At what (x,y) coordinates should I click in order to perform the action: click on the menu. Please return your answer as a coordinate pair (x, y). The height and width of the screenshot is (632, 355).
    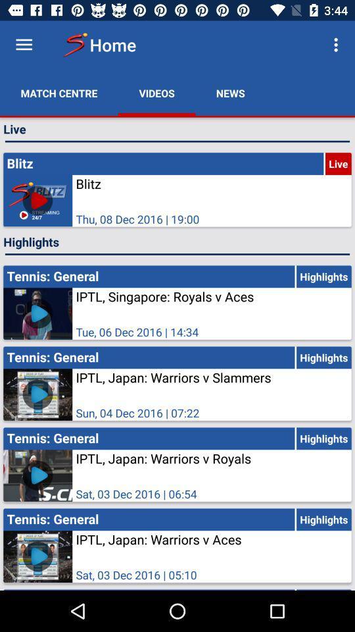
    Looking at the image, I should click on (24, 45).